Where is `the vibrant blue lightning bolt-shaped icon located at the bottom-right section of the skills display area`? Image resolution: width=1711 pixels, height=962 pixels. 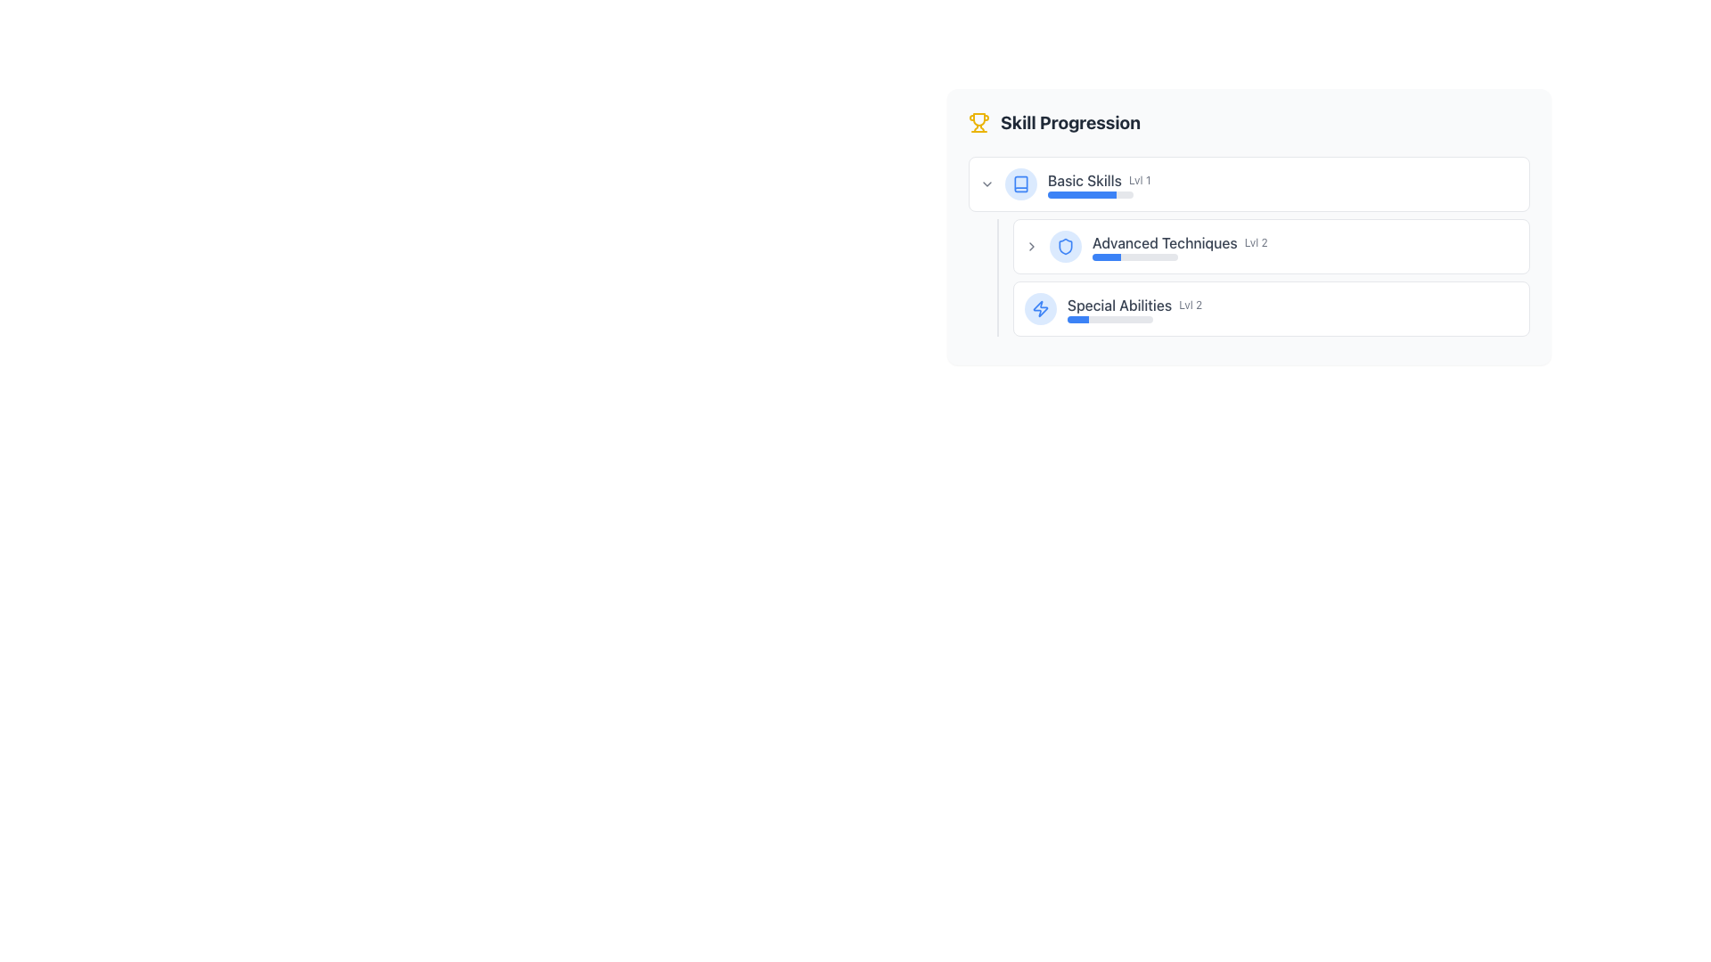 the vibrant blue lightning bolt-shaped icon located at the bottom-right section of the skills display area is located at coordinates (1040, 308).